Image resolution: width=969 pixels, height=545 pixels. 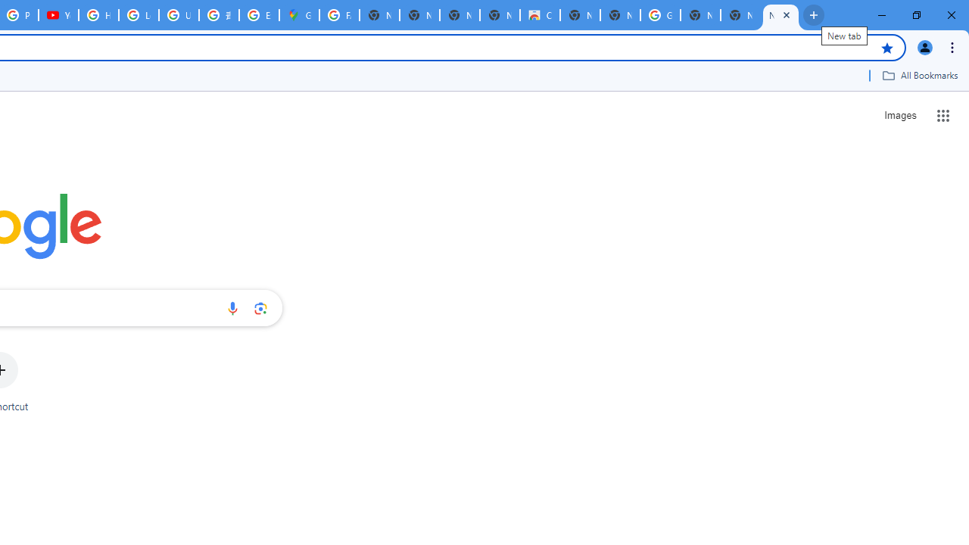 What do you see at coordinates (232, 307) in the screenshot?
I see `'Search by voice'` at bounding box center [232, 307].